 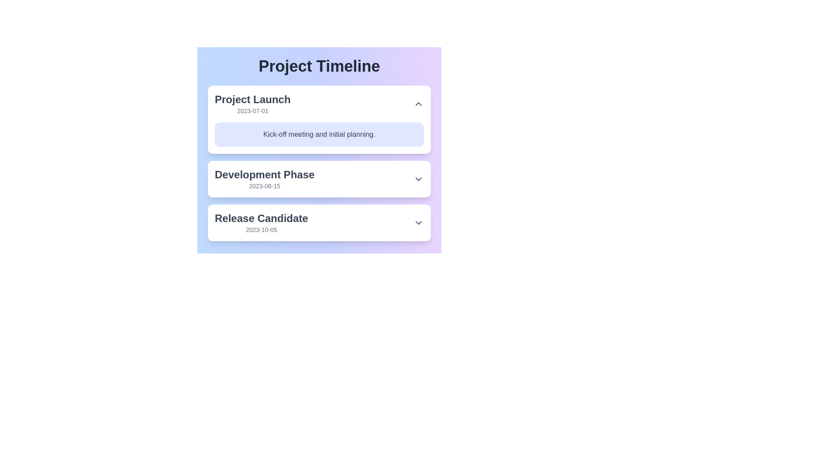 I want to click on textual display showing the project phase name 'Project Launch' and the date '2023-07-01', which is located under the main heading 'Project Timeline' as the first section, so click(x=252, y=104).